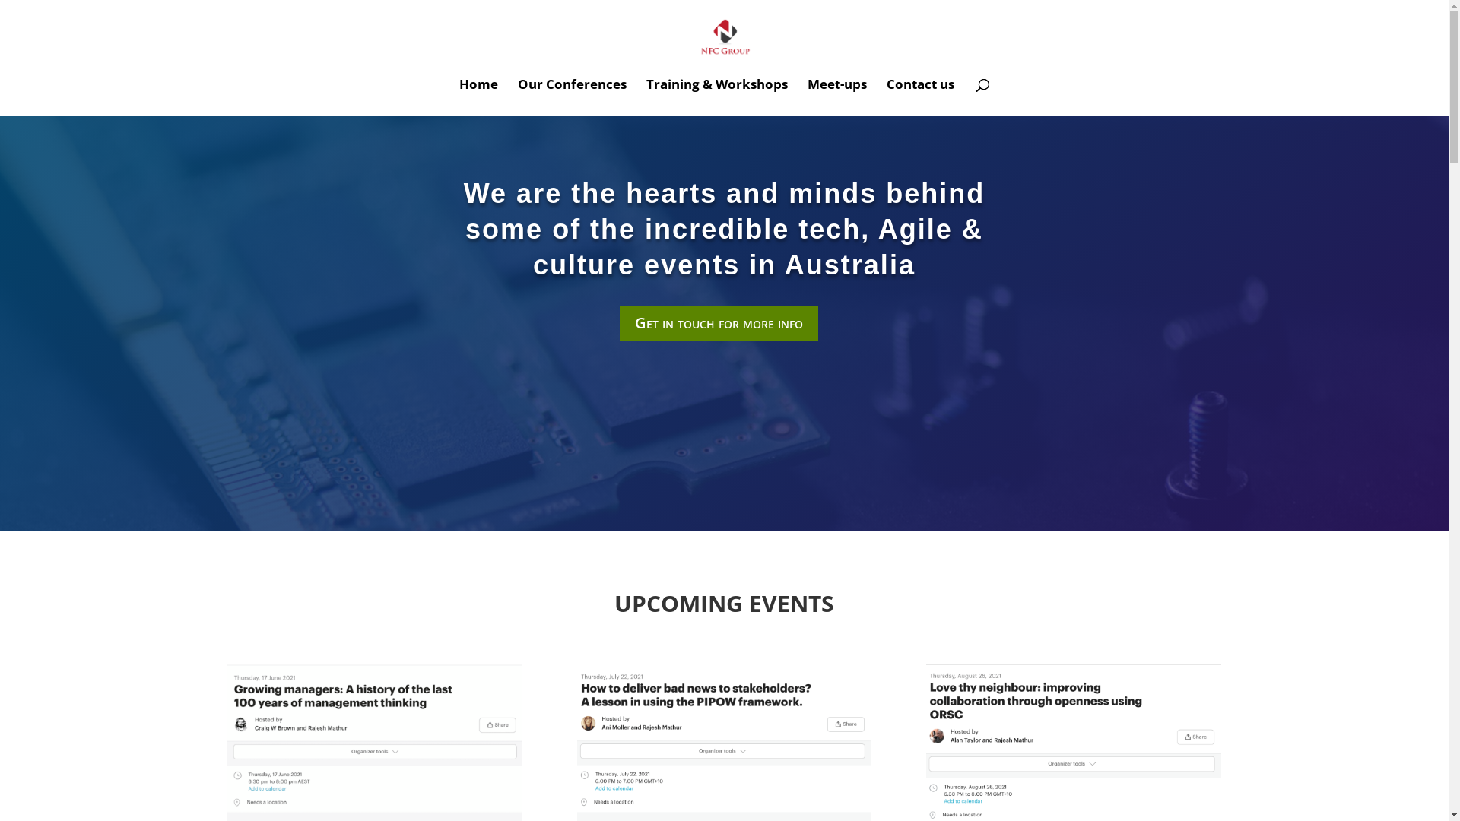  I want to click on 'Contact us', so click(919, 97).